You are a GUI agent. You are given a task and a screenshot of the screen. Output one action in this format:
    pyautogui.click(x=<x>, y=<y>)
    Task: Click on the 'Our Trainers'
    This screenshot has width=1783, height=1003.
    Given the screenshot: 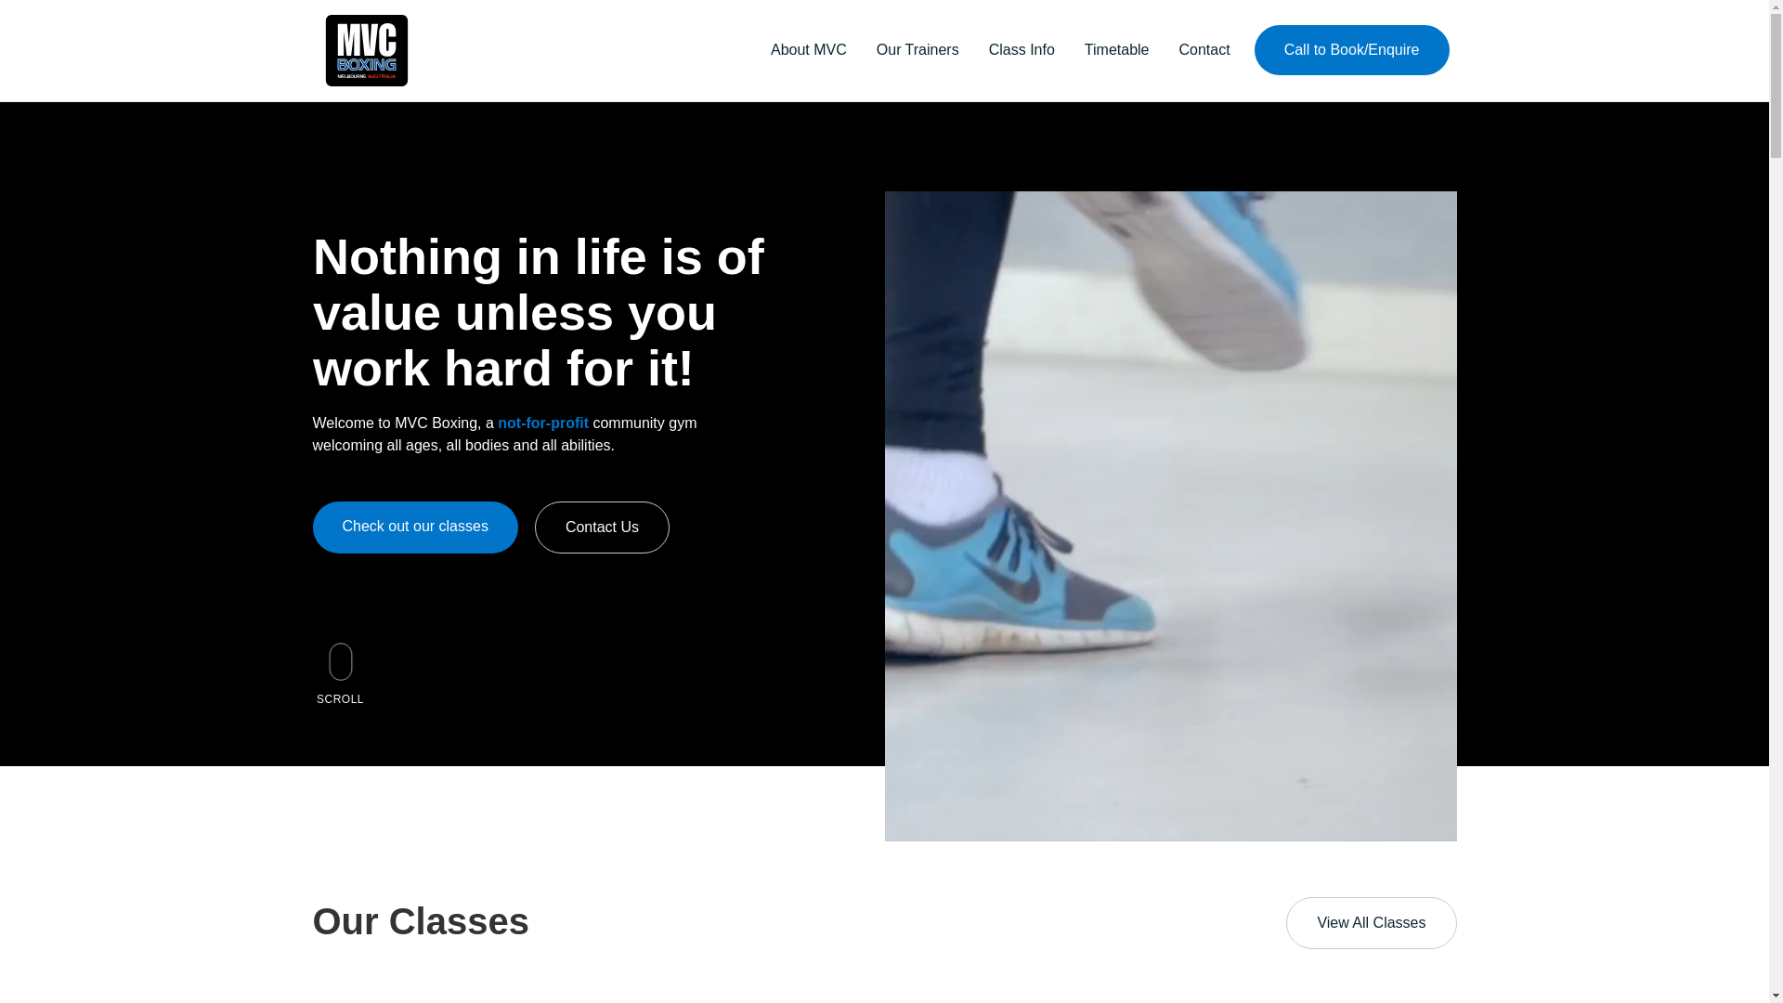 What is the action you would take?
    pyautogui.click(x=918, y=49)
    